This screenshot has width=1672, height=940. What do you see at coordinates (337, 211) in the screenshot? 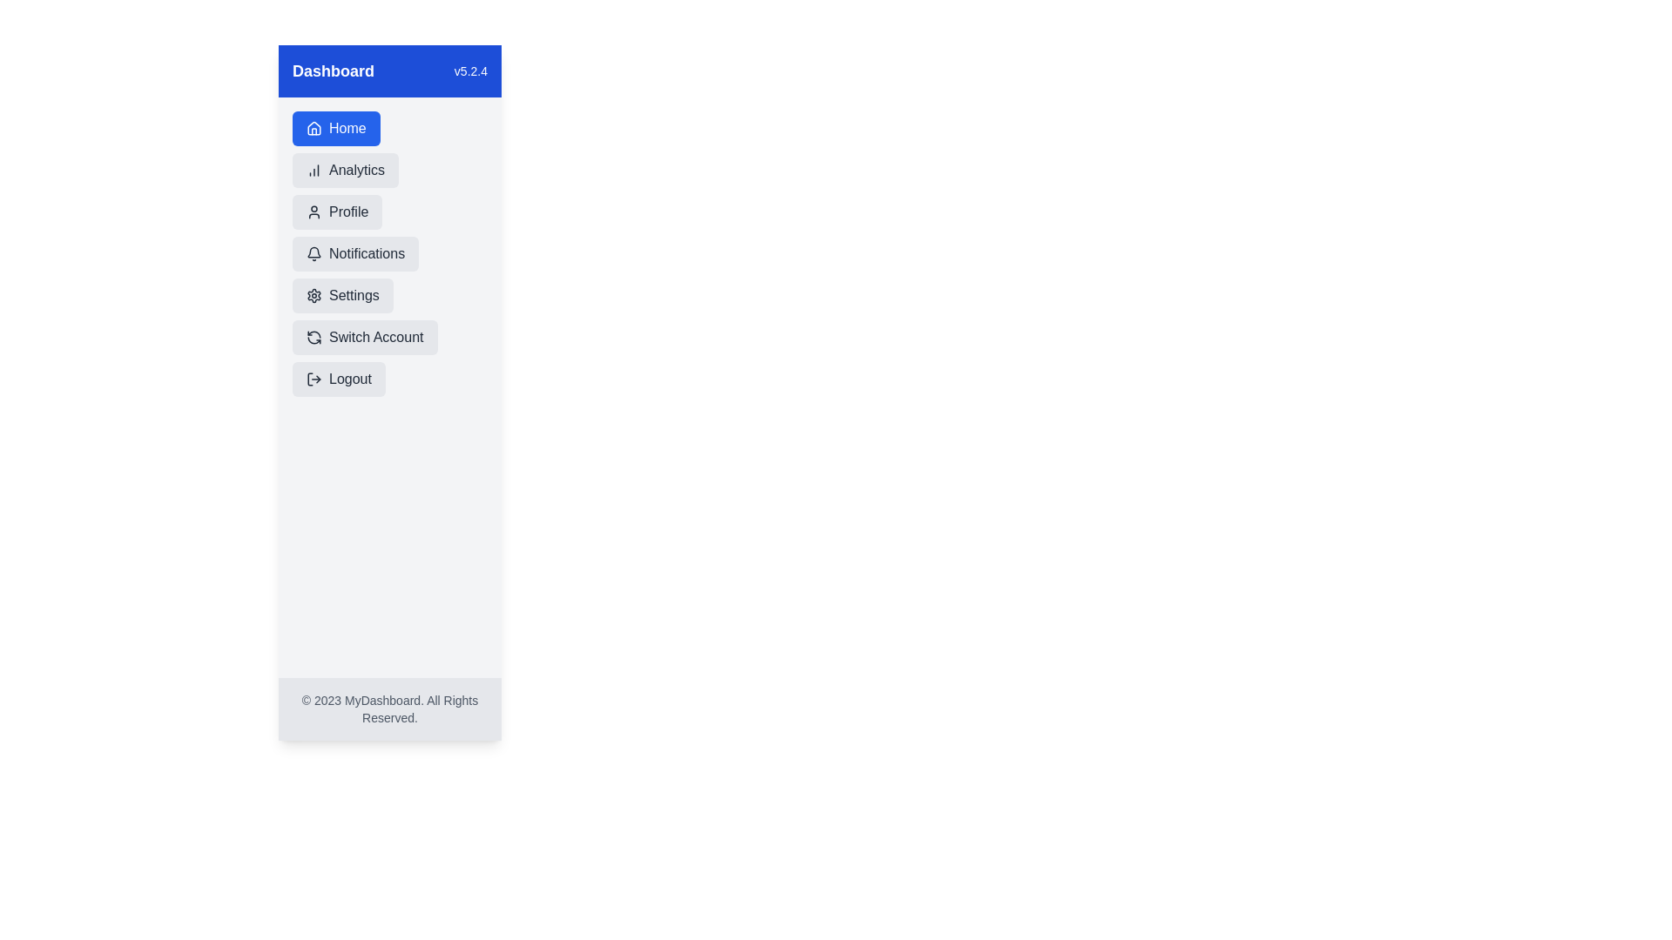
I see `the 'Profile' button, which is a rectangular button with a light gray background and a user profile icon, located in the vertical list of buttons on the left side of the interface, specifically the third item below the 'Analytics' button` at bounding box center [337, 211].